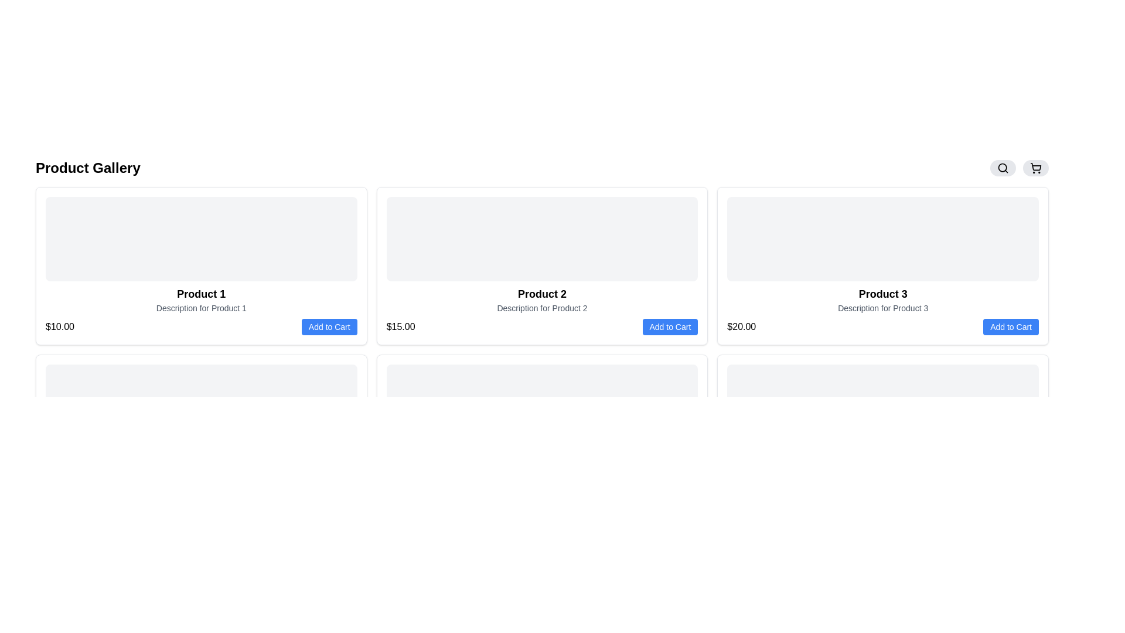  What do you see at coordinates (883, 307) in the screenshot?
I see `text label element that provides a description for 'Product 3', which is styled with small gray text and located beneath the title 'Product 3'` at bounding box center [883, 307].